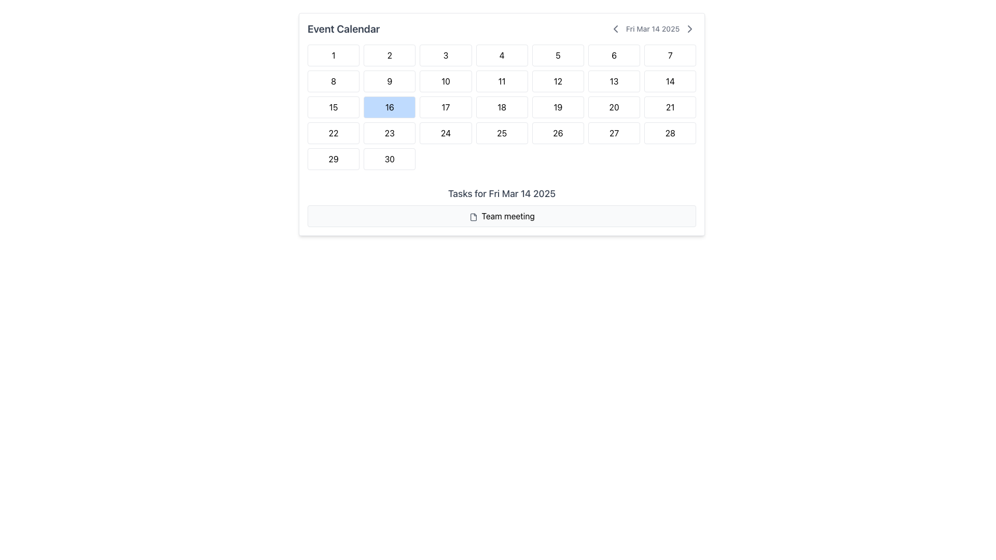  I want to click on the button representing a specific day in the calendar view located in the second row and fifth column of the grid layout, so click(557, 81).